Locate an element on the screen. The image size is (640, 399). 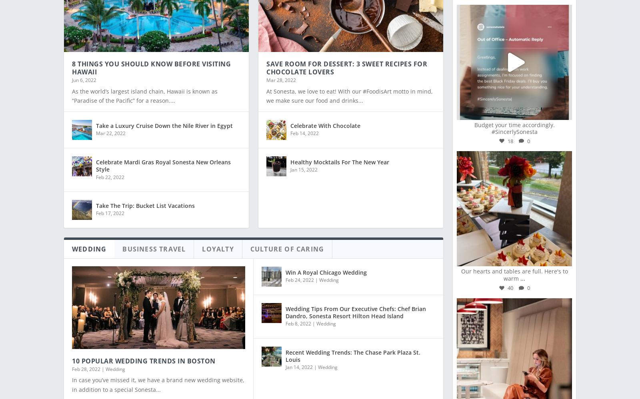
'Whiskey, Music, And Storytelling: A Sonesta #SXSW ...' is located at coordinates (191, 104).